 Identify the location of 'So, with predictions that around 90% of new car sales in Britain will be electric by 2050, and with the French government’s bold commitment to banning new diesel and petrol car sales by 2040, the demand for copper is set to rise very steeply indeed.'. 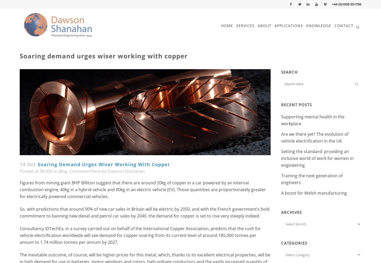
(145, 213).